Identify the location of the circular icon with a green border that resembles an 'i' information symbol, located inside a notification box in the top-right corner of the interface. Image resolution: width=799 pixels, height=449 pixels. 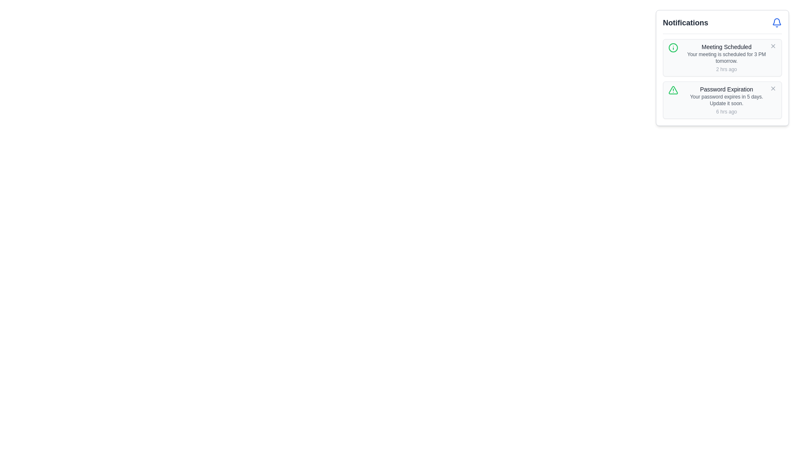
(673, 48).